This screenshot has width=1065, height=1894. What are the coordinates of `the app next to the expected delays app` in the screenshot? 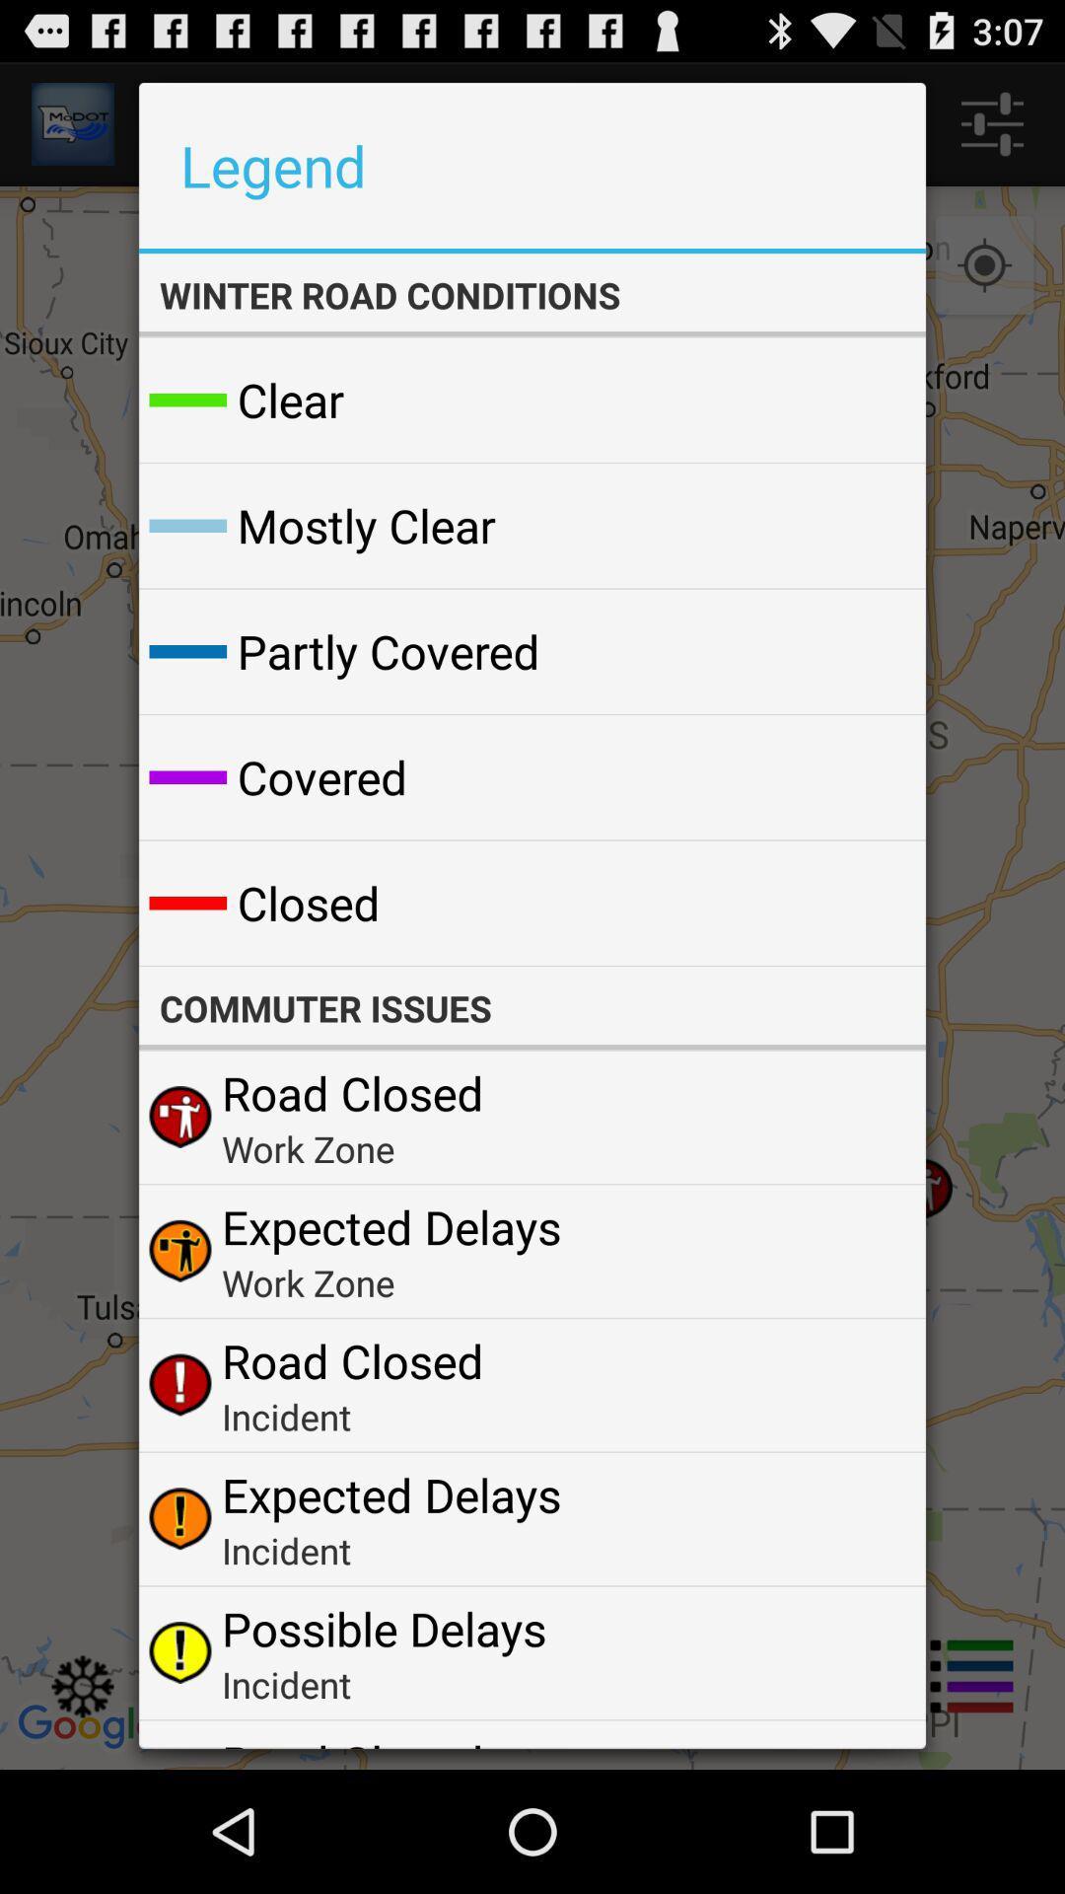 It's located at (862, 1250).